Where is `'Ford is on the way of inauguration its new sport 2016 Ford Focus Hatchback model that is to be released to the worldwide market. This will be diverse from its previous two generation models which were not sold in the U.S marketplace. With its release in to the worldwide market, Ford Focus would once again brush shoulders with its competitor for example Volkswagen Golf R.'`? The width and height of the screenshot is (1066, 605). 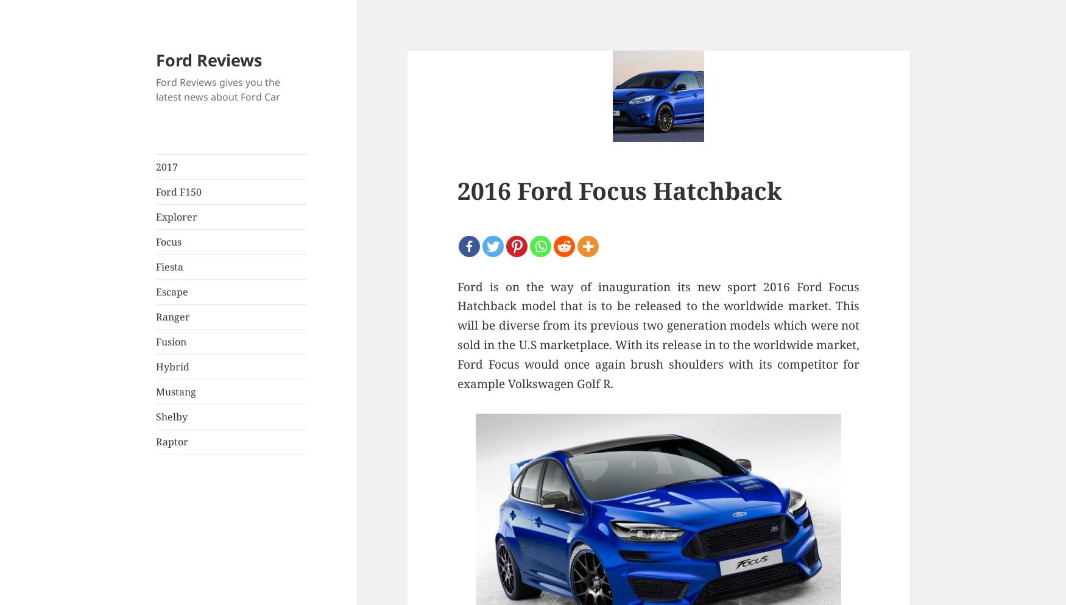 'Ford is on the way of inauguration its new sport 2016 Ford Focus Hatchback model that is to be released to the worldwide market. This will be diverse from its previous two generation models which were not sold in the U.S marketplace. With its release in to the worldwide market, Ford Focus would once again brush shoulders with its competitor for example Volkswagen Golf R.' is located at coordinates (457, 334).